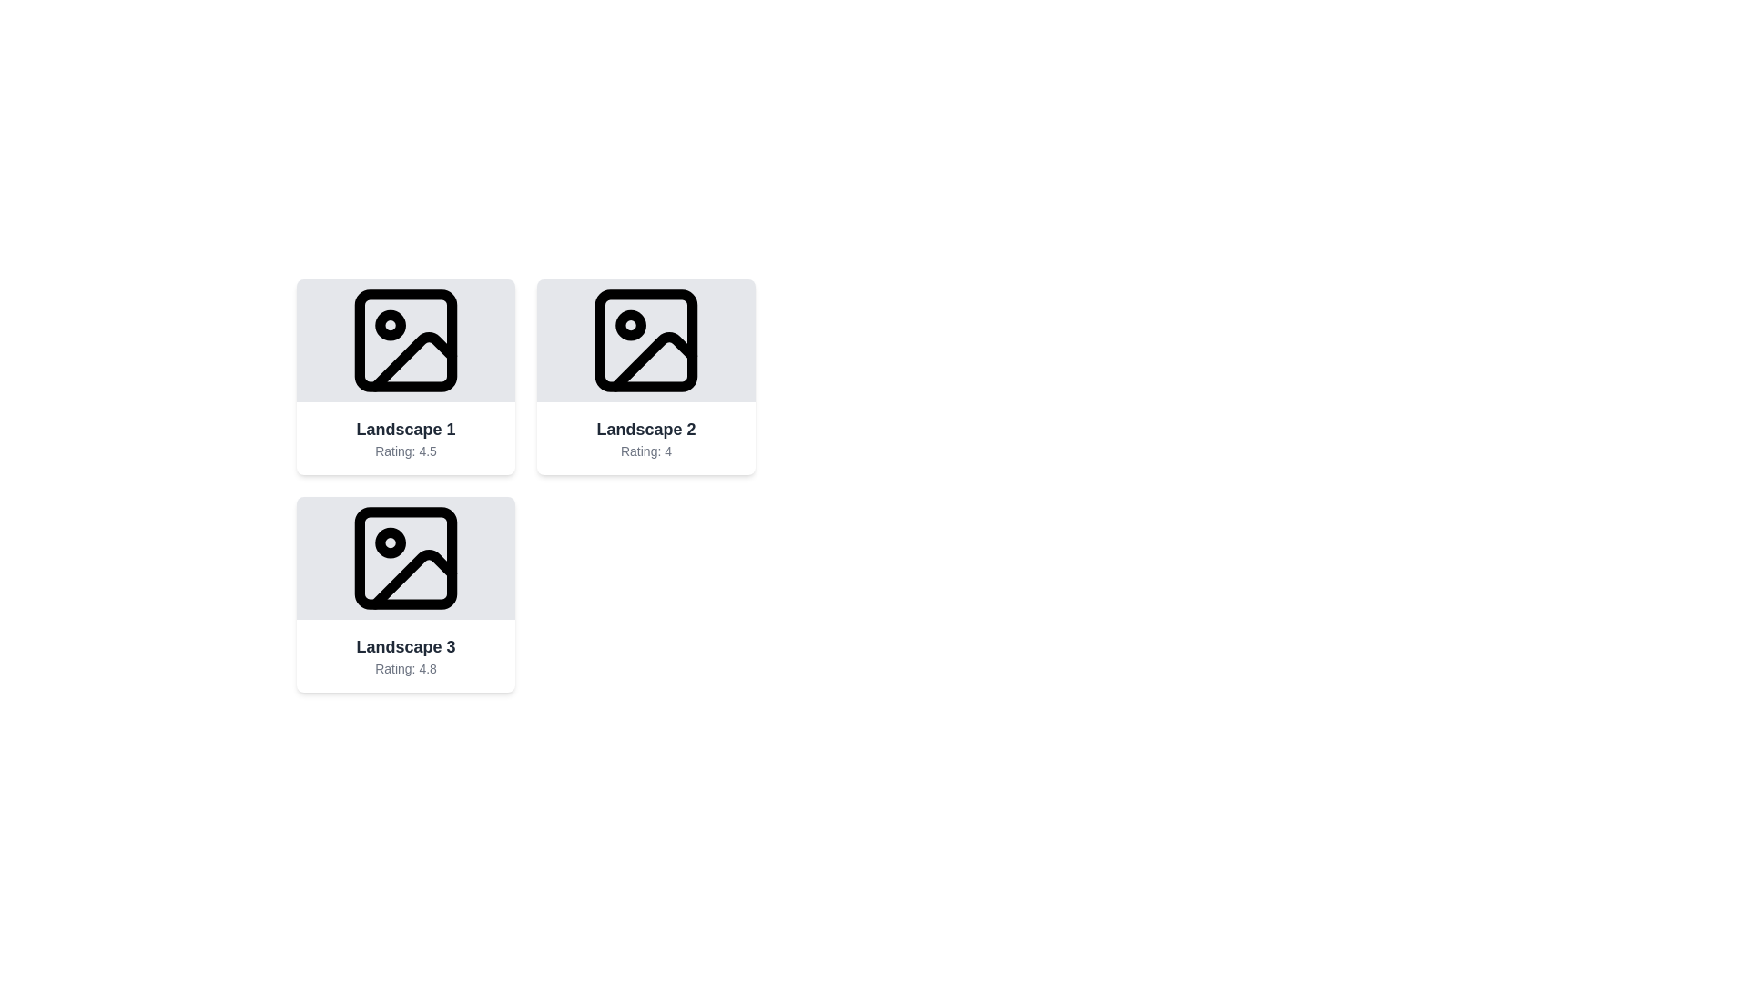 The width and height of the screenshot is (1748, 983). Describe the element at coordinates (405, 339) in the screenshot. I see `the appearance of the star icon located in the upper left quadrant of the interface grid, next to the text 'Rating: 4.5'` at that location.